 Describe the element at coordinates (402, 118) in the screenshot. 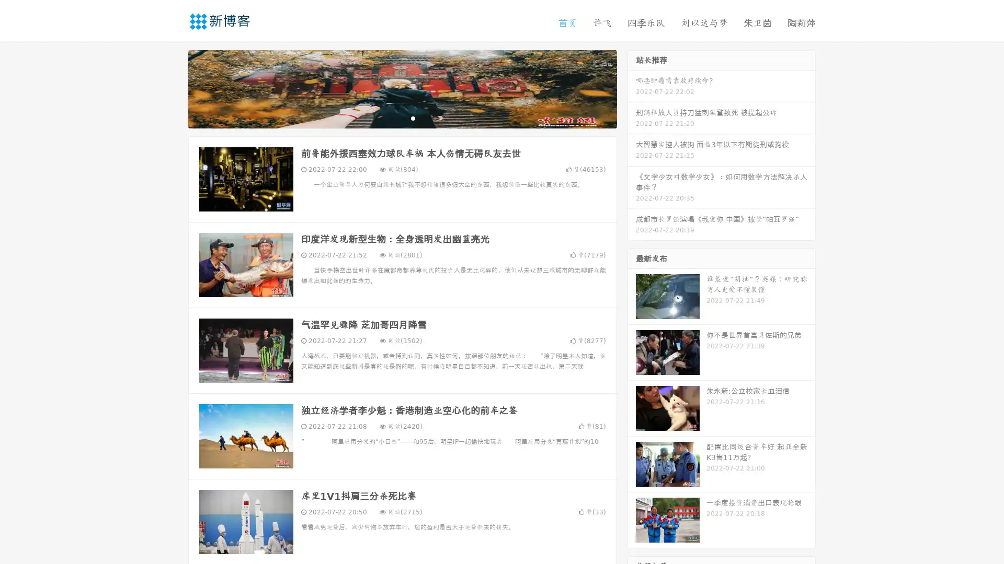

I see `Go to slide 2` at that location.